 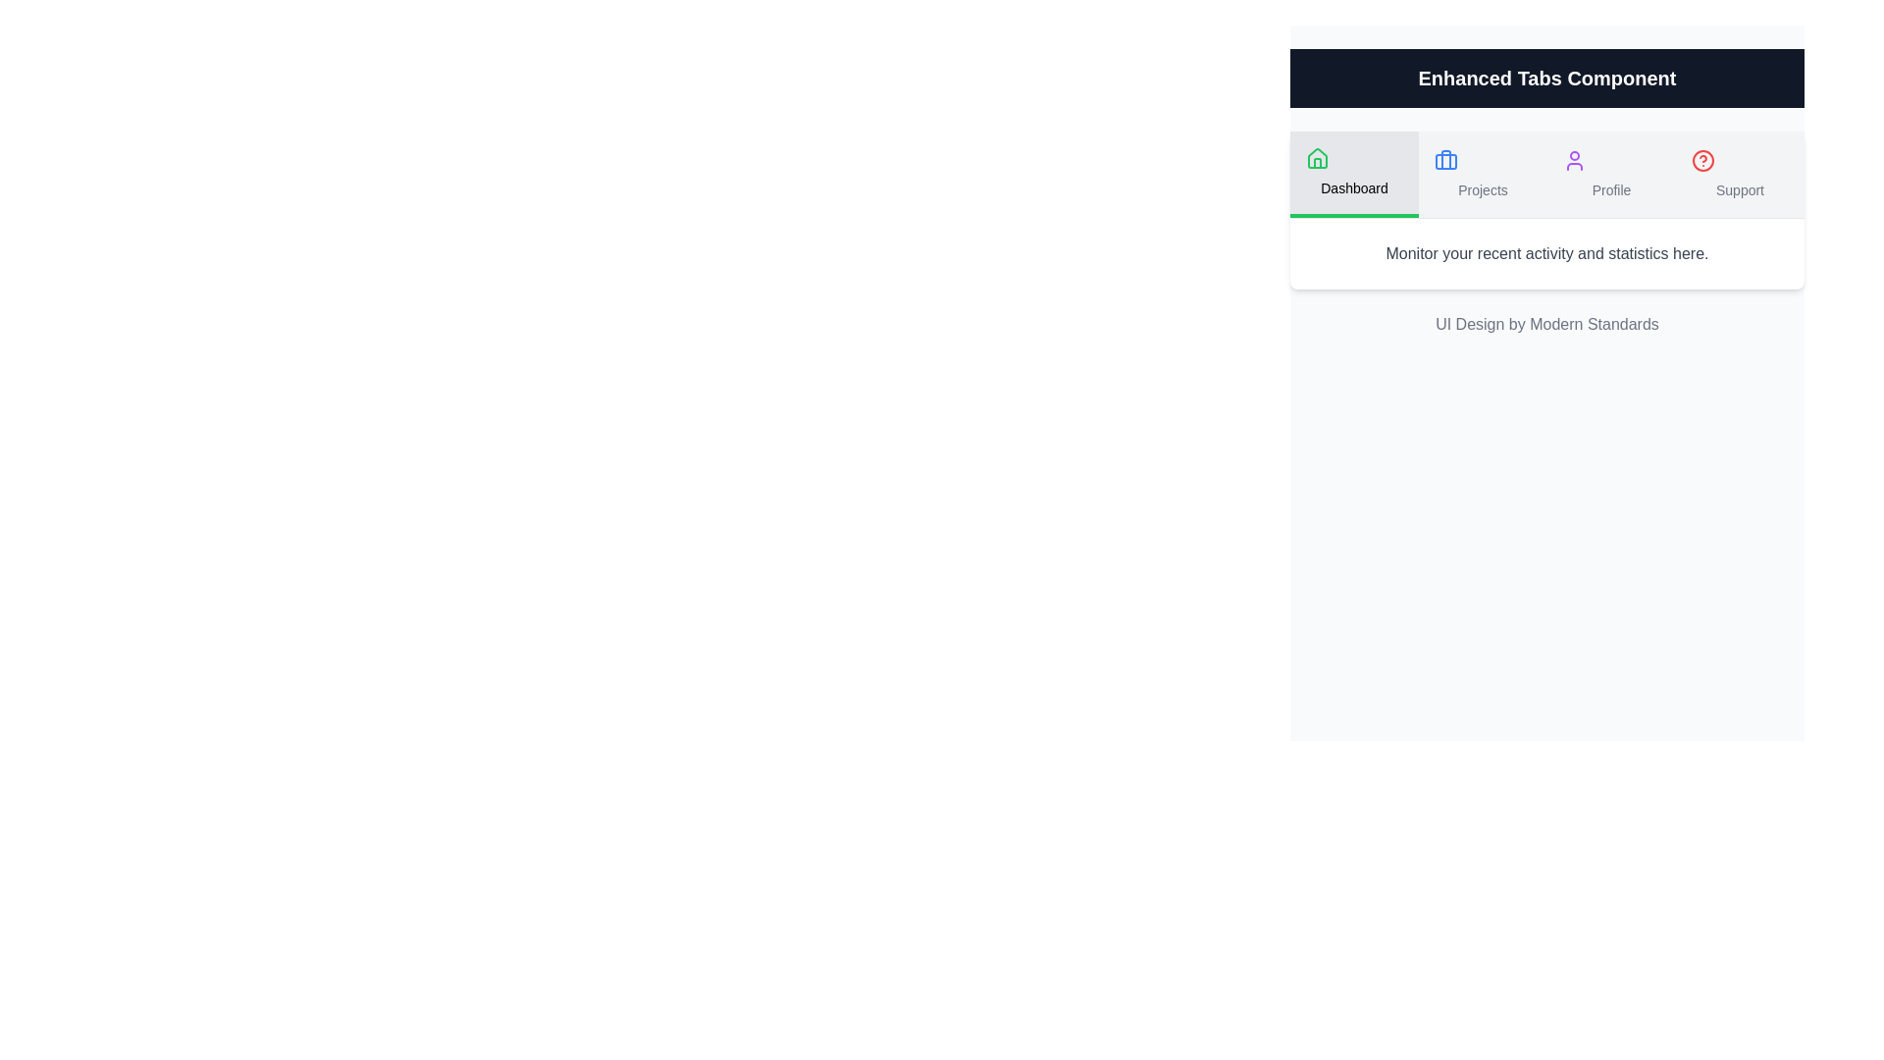 I want to click on the help or information icon located in the upper navigation bar at the top-right corner of the interface, next to the 'Support' menu item, so click(x=1702, y=160).